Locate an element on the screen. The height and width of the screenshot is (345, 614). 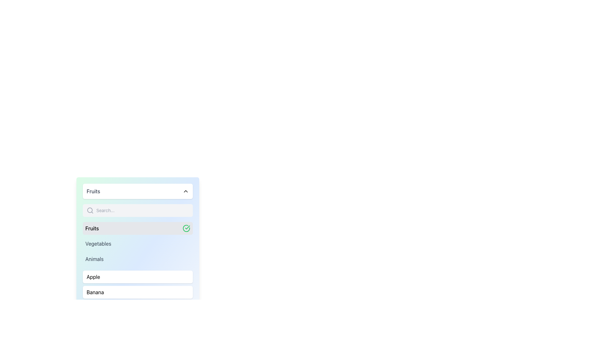
the 'Fruits' text label displayed in gray color with medium font weight, located in the upper portion of the dropdown menu interface is located at coordinates (93, 191).